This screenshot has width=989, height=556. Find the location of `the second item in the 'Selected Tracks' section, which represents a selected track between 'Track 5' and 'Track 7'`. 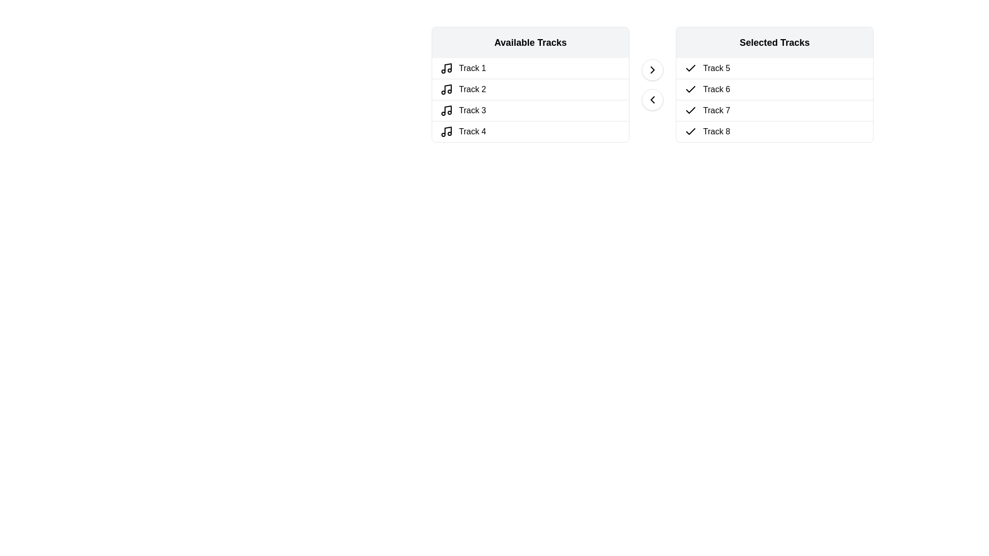

the second item in the 'Selected Tracks' section, which represents a selected track between 'Track 5' and 'Track 7' is located at coordinates (774, 89).